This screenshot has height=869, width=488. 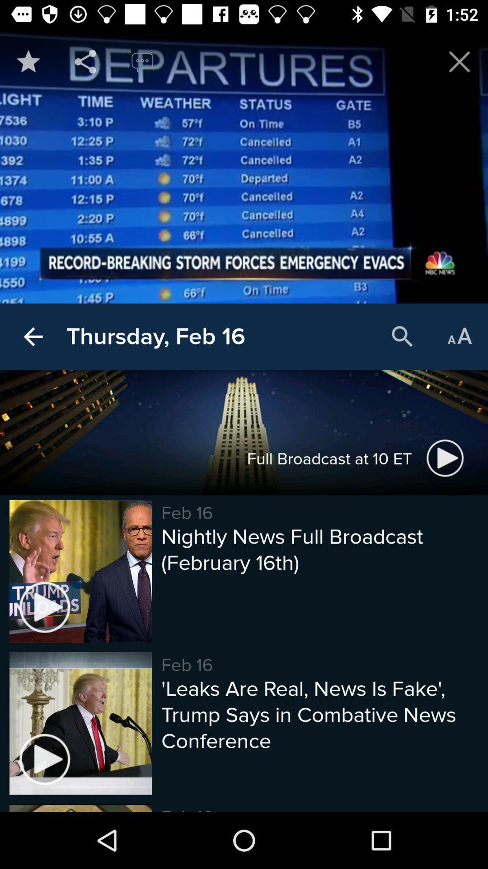 I want to click on the image beside nightly news full broadcast at the bottom of the page, so click(x=80, y=571).